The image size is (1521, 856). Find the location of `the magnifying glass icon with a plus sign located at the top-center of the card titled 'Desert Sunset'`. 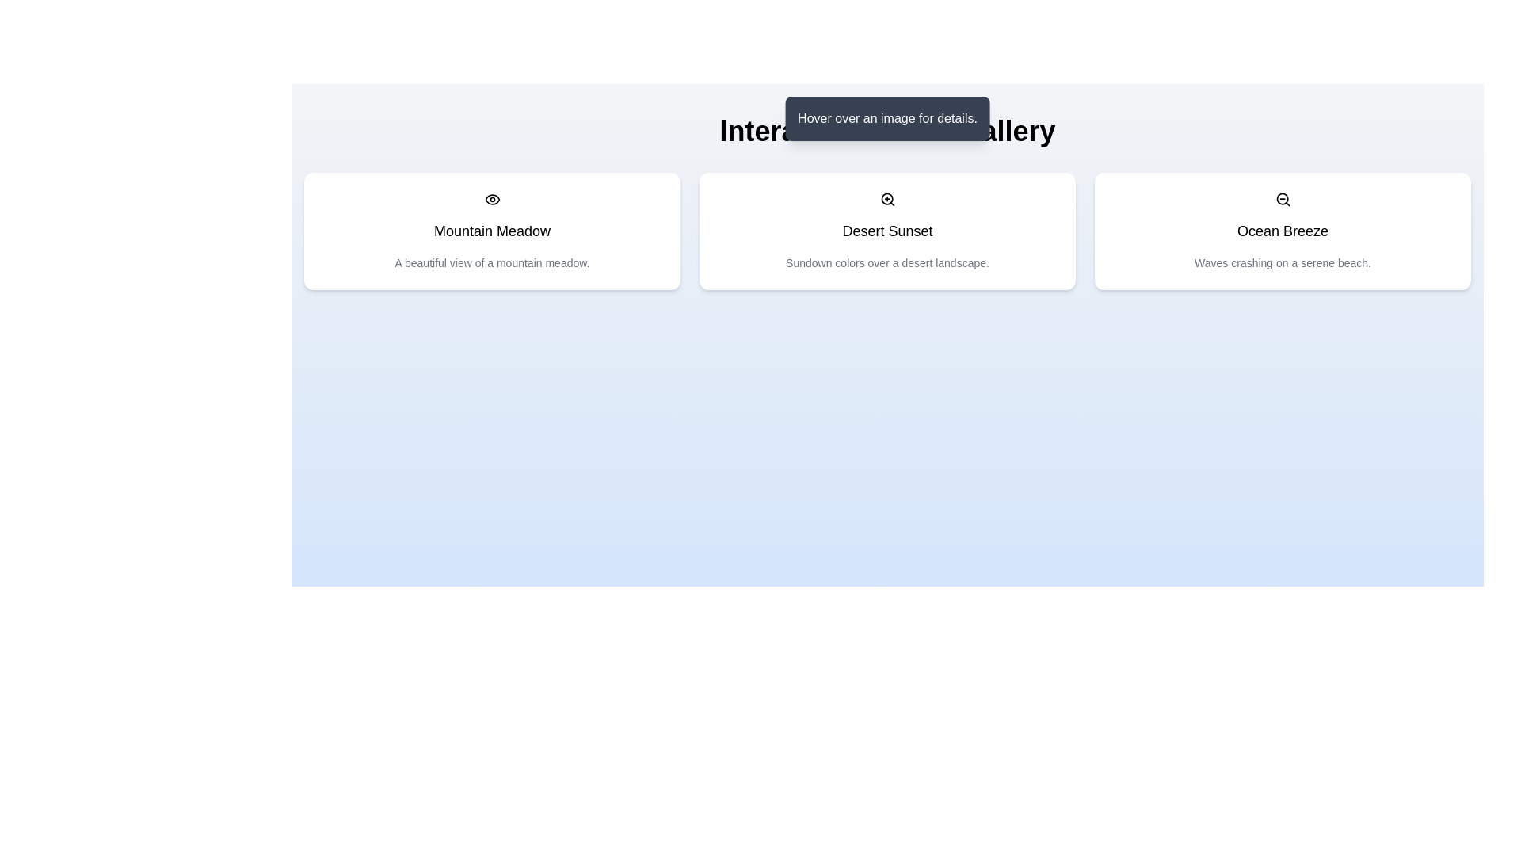

the magnifying glass icon with a plus sign located at the top-center of the card titled 'Desert Sunset' is located at coordinates (887, 198).